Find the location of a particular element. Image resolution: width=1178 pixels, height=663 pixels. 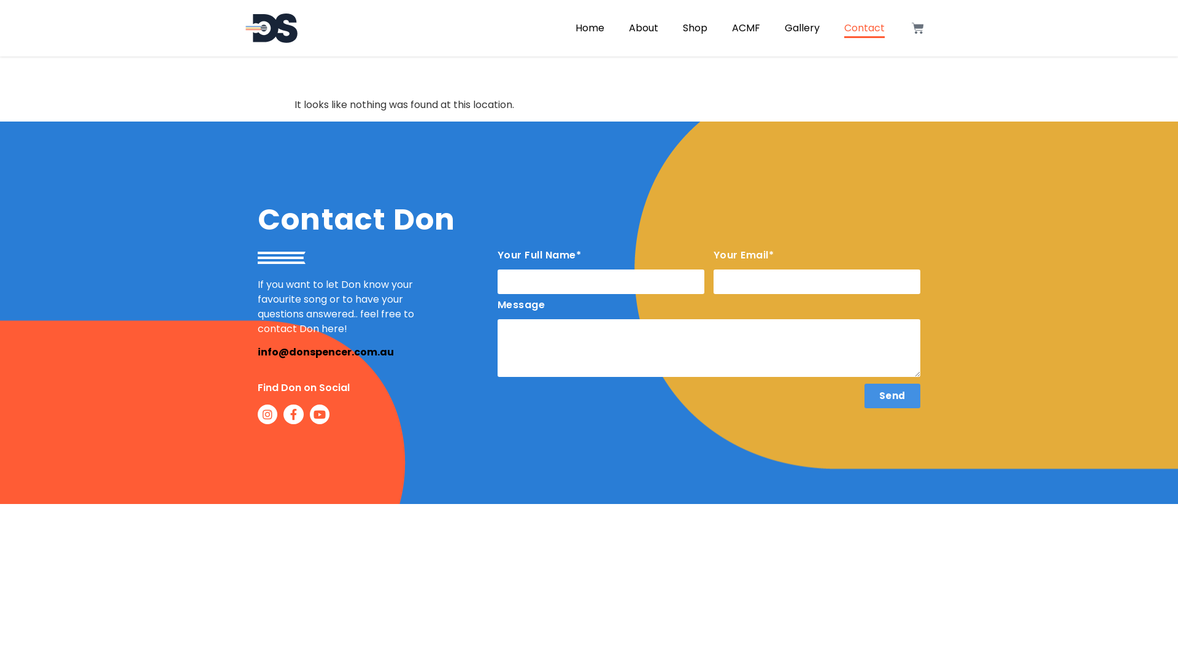

'Home' is located at coordinates (590, 28).